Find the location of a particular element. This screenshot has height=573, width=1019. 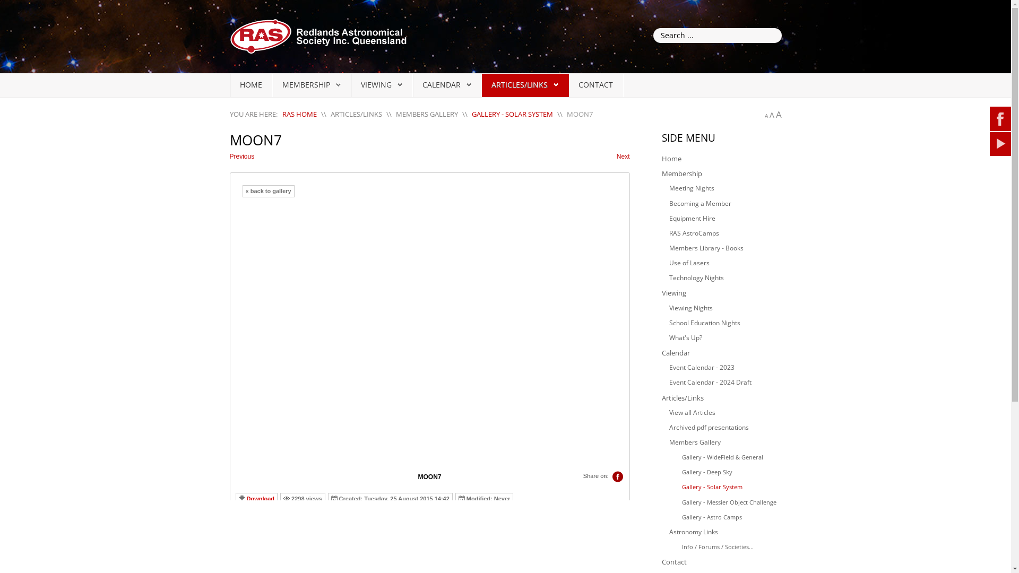

'Meeting Nights' is located at coordinates (724, 187).